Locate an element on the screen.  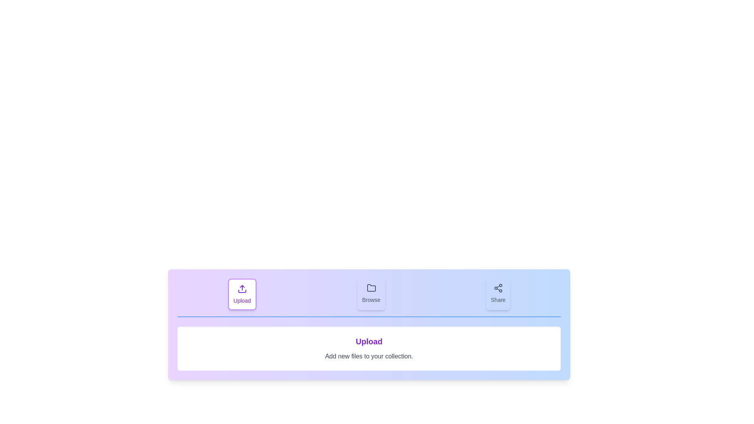
the Browse tab is located at coordinates (371, 294).